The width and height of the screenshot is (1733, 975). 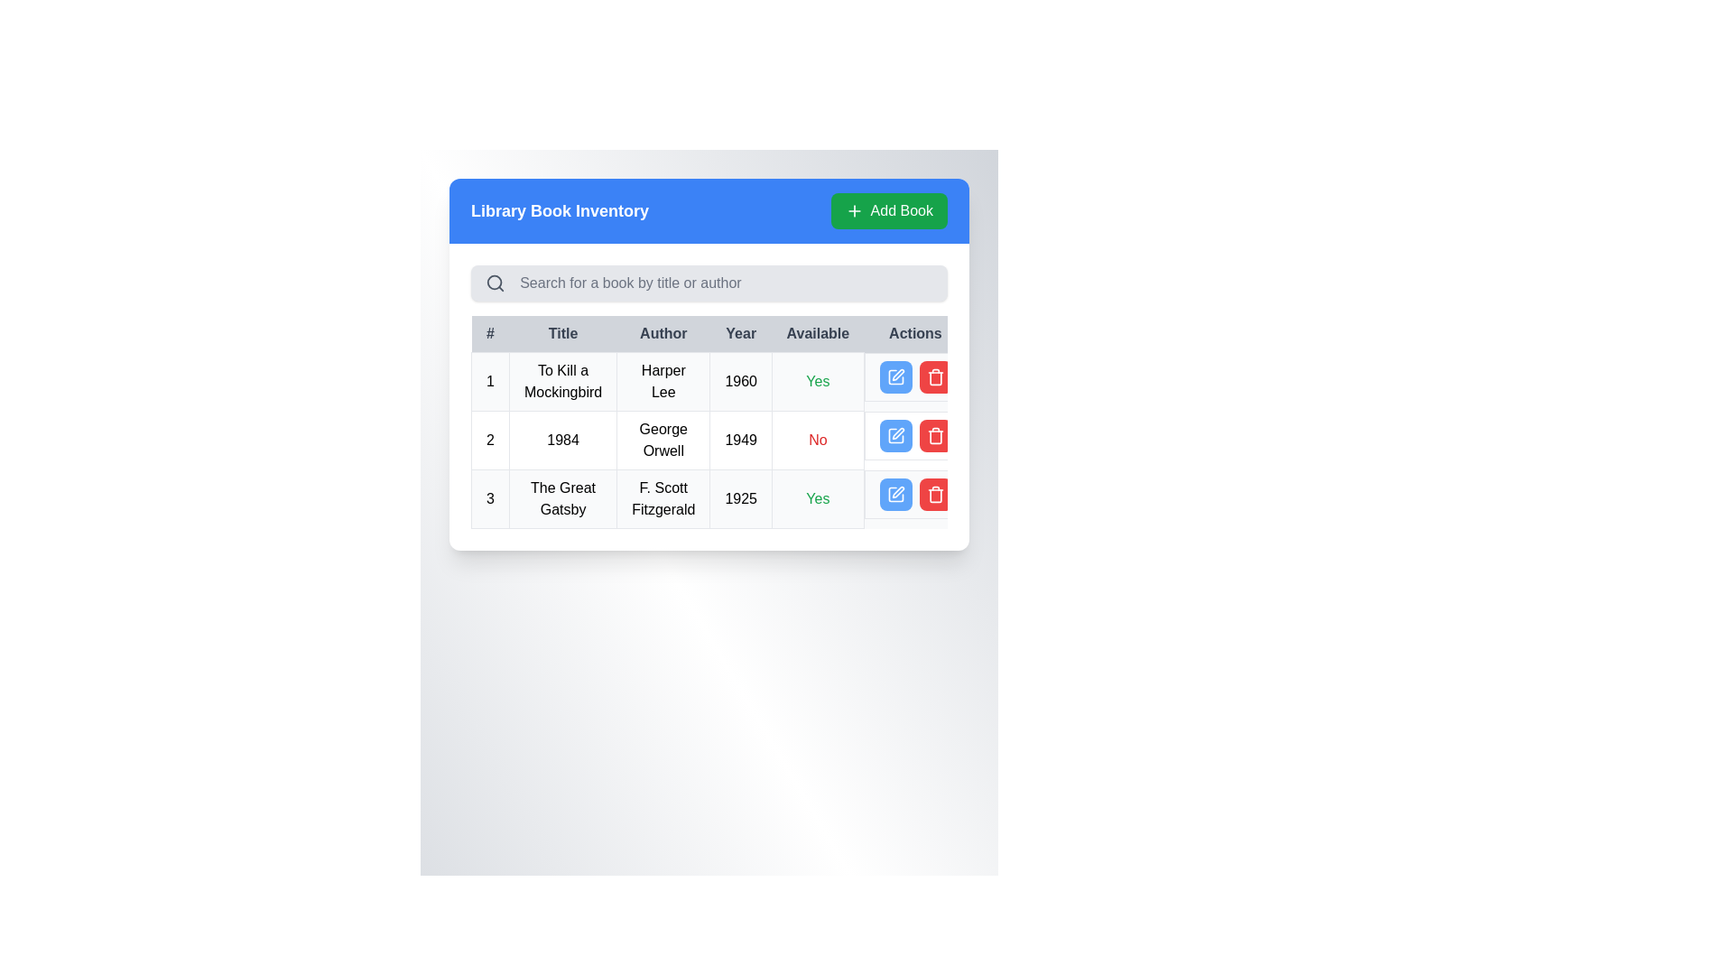 What do you see at coordinates (817, 498) in the screenshot?
I see `the text label indicating availability status, which displays 'Yes' in green font in the first row of the data table under the 'Available' column` at bounding box center [817, 498].